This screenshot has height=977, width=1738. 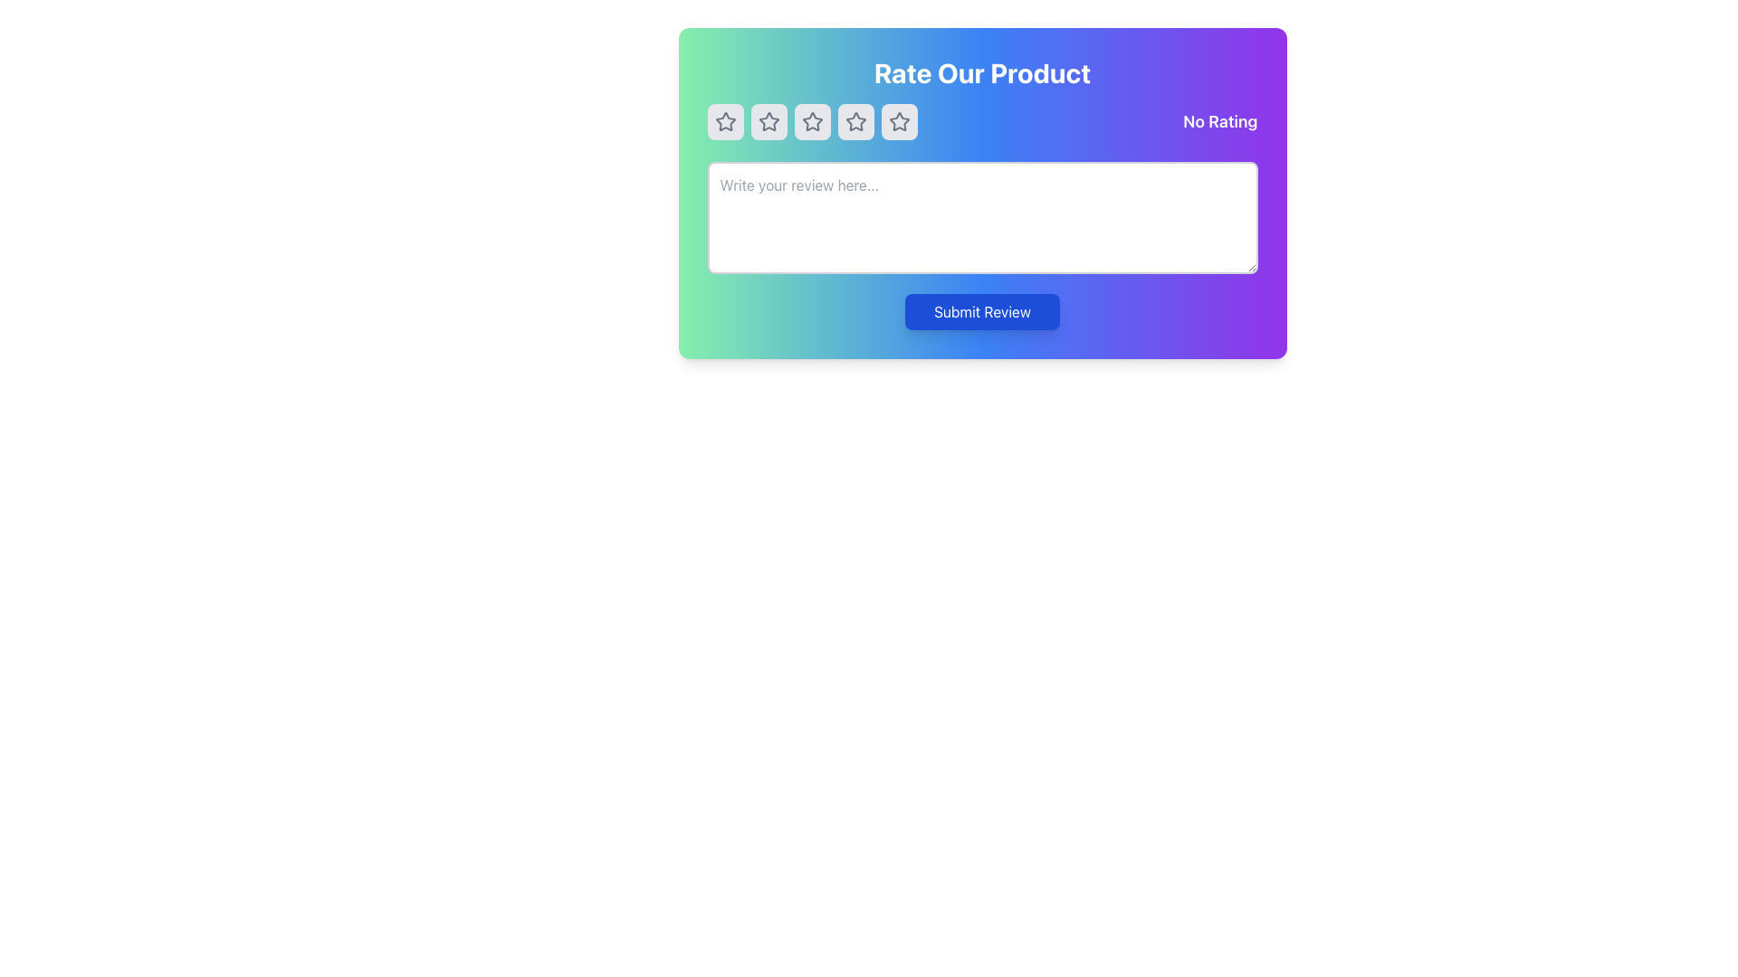 I want to click on the third star icon in the 'Rate Our Product' section, so click(x=811, y=122).